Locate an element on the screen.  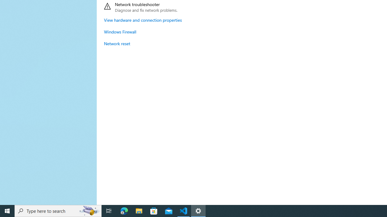
'Windows Firewall' is located at coordinates (120, 32).